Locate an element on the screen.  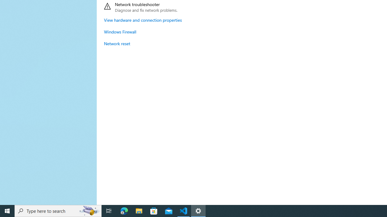
'Windows Firewall' is located at coordinates (120, 32).